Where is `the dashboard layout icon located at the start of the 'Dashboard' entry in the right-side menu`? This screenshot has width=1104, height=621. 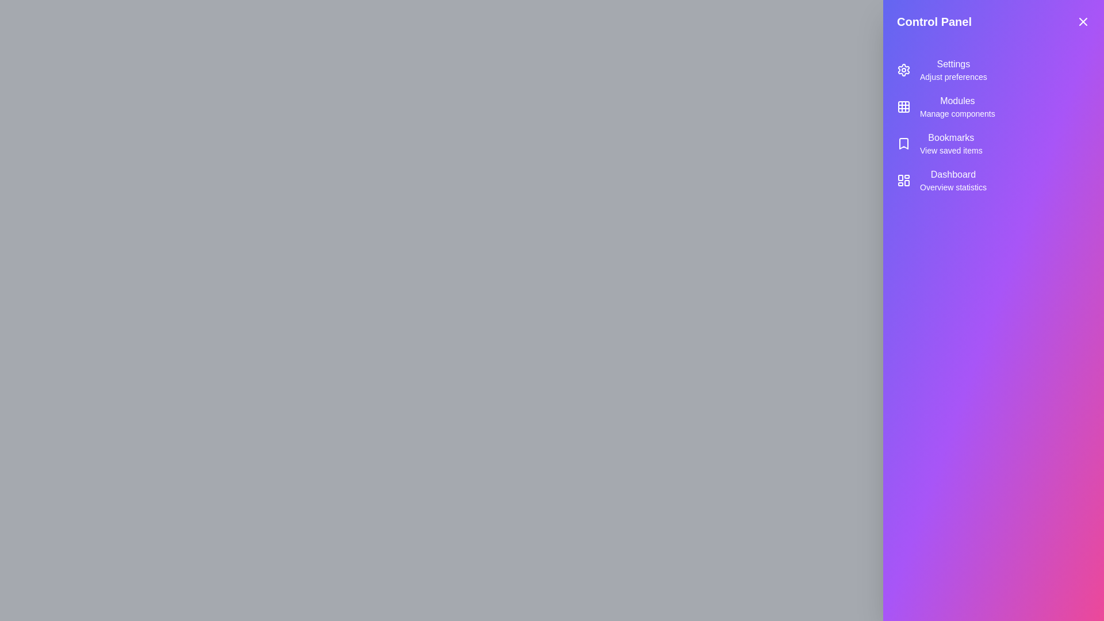
the dashboard layout icon located at the start of the 'Dashboard' entry in the right-side menu is located at coordinates (903, 180).